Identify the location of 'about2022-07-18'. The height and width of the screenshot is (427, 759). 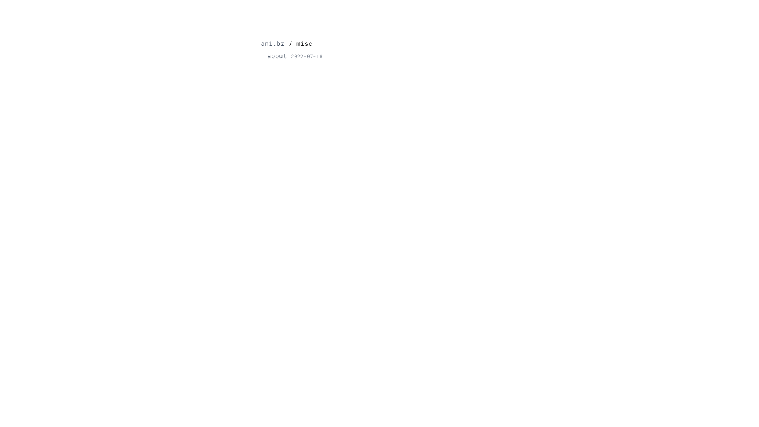
(294, 55).